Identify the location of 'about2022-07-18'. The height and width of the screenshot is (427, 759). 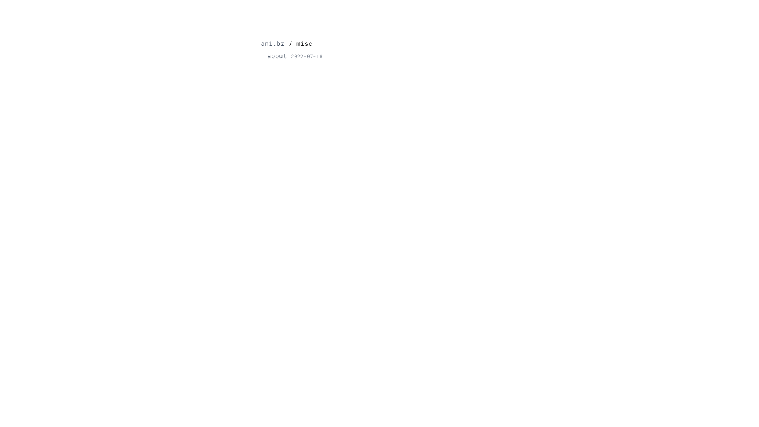
(294, 55).